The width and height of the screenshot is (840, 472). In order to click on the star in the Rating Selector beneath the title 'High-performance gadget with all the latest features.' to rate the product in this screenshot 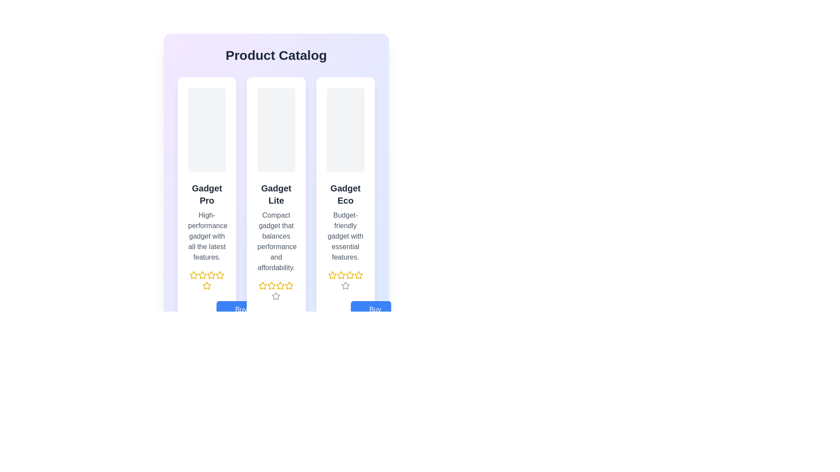, I will do `click(206, 280)`.